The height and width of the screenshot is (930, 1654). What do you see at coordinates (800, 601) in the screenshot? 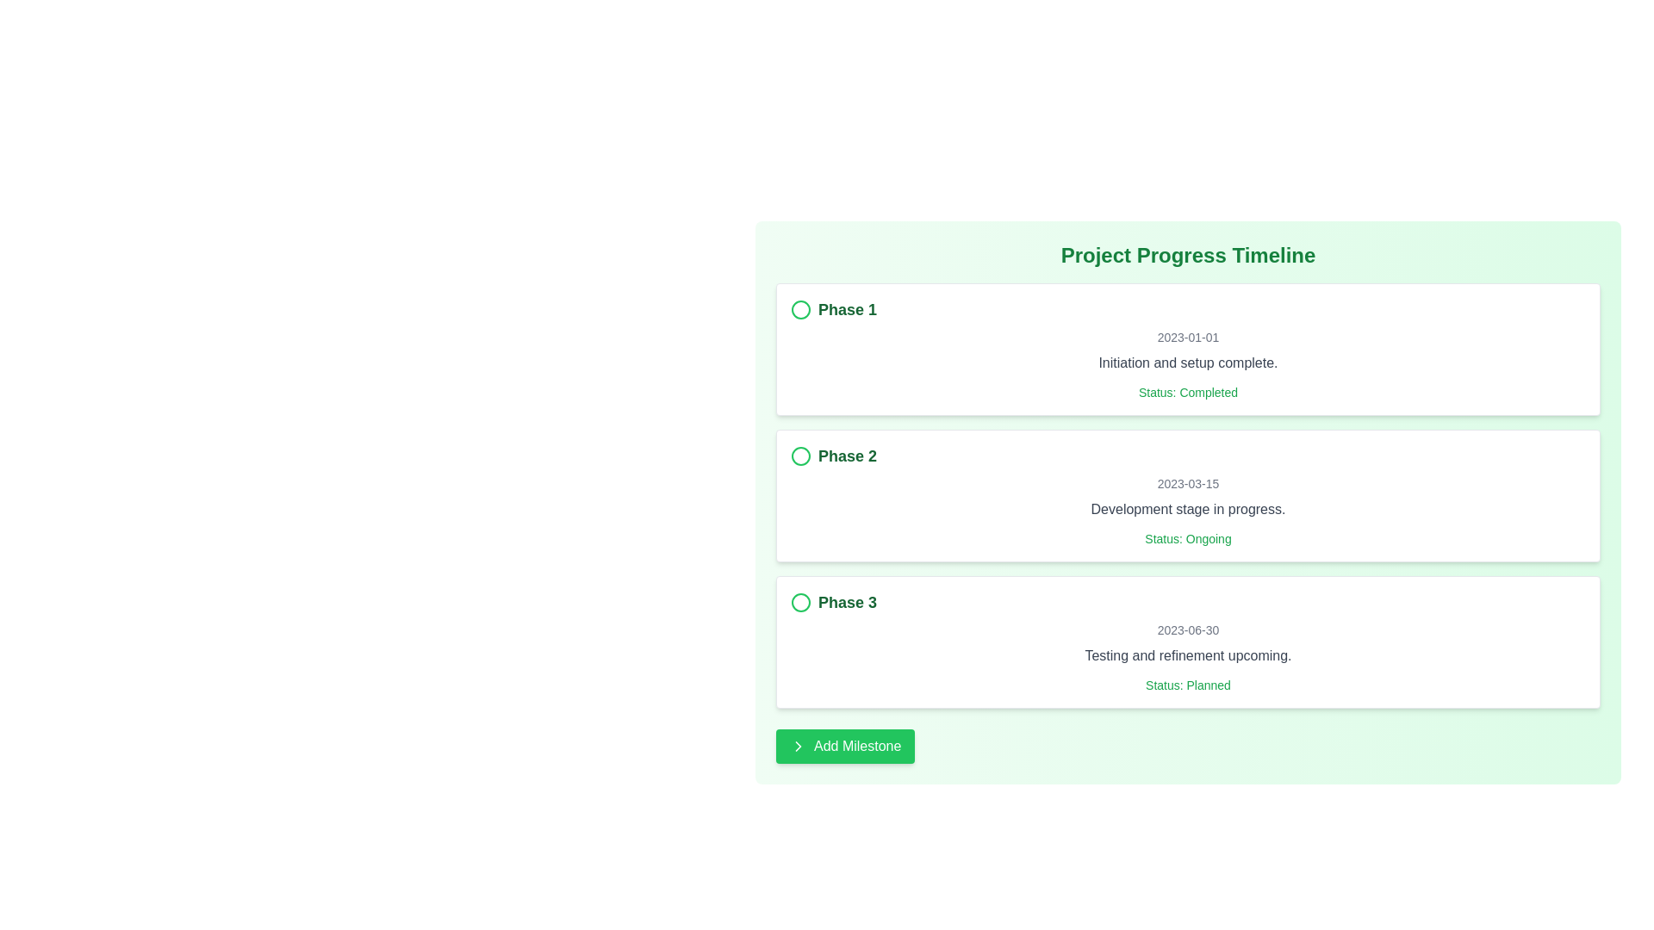
I see `the circular status indicator icon with a green outline, located adjacent to the 'Phase 3' label in the project progress timeline` at bounding box center [800, 601].